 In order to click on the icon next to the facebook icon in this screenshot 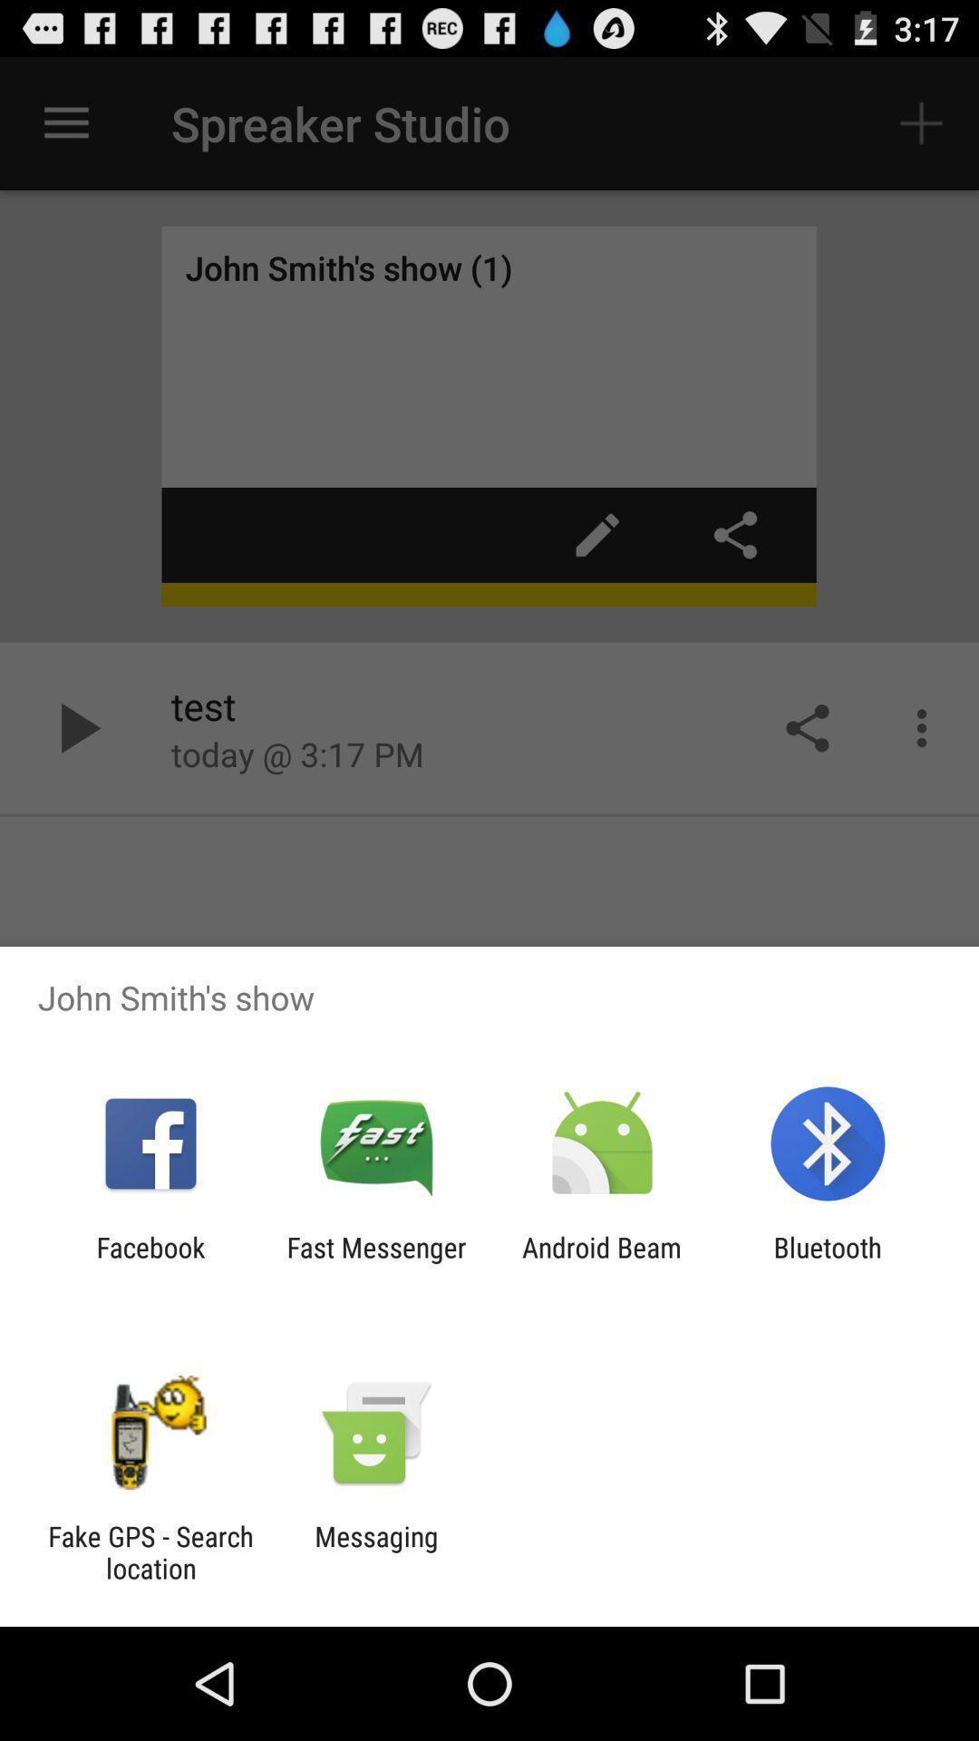, I will do `click(375, 1262)`.